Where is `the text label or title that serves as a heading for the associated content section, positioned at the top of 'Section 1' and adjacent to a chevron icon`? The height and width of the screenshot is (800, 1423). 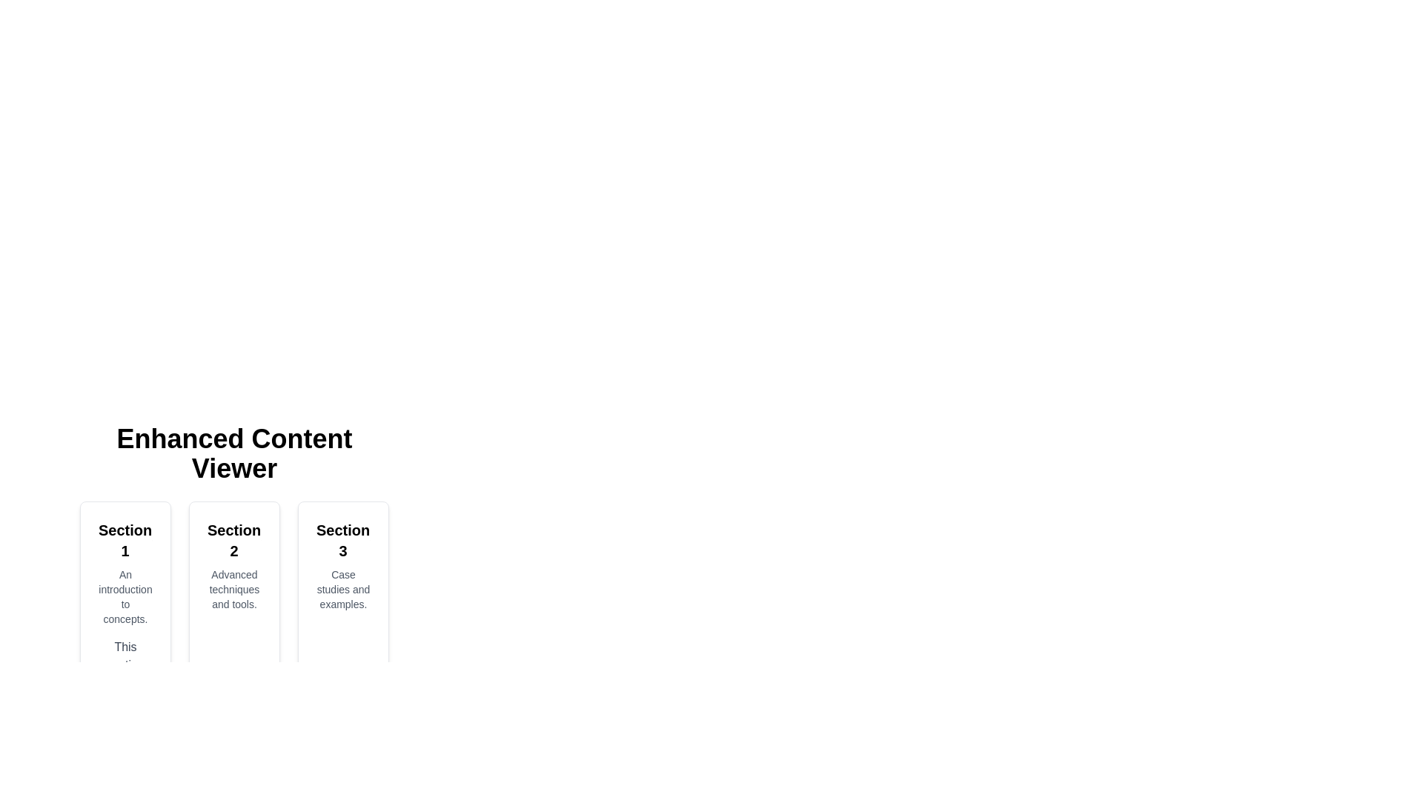
the text label or title that serves as a heading for the associated content section, positioned at the top of 'Section 1' and adjacent to a chevron icon is located at coordinates (125, 540).